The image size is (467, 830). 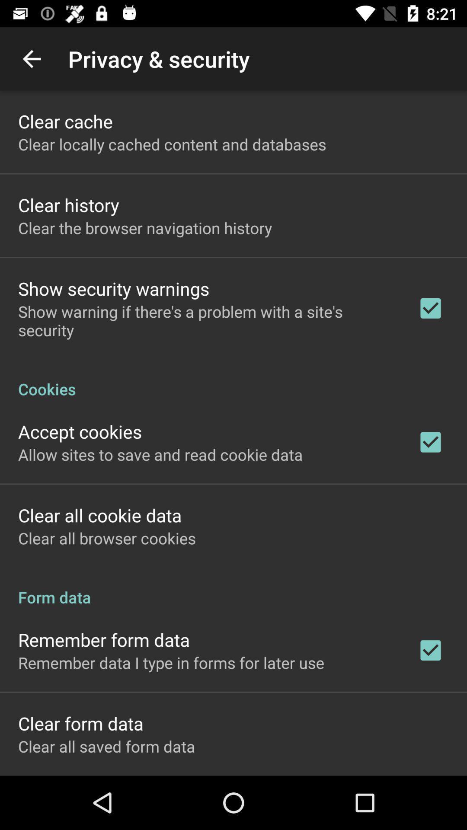 What do you see at coordinates (65, 121) in the screenshot?
I see `the clear cache` at bounding box center [65, 121].